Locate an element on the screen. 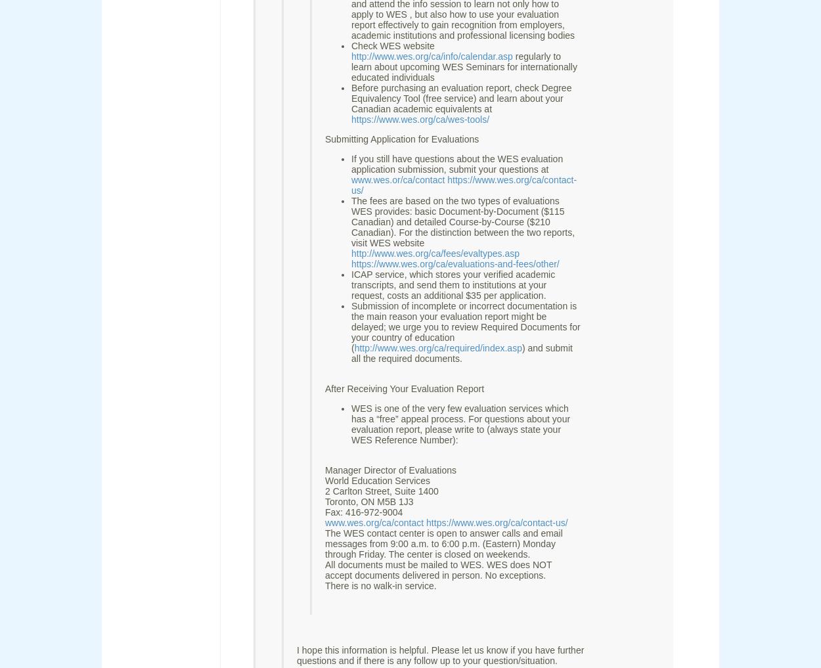 The image size is (821, 668). 'There is no walk-in service.' is located at coordinates (380, 586).